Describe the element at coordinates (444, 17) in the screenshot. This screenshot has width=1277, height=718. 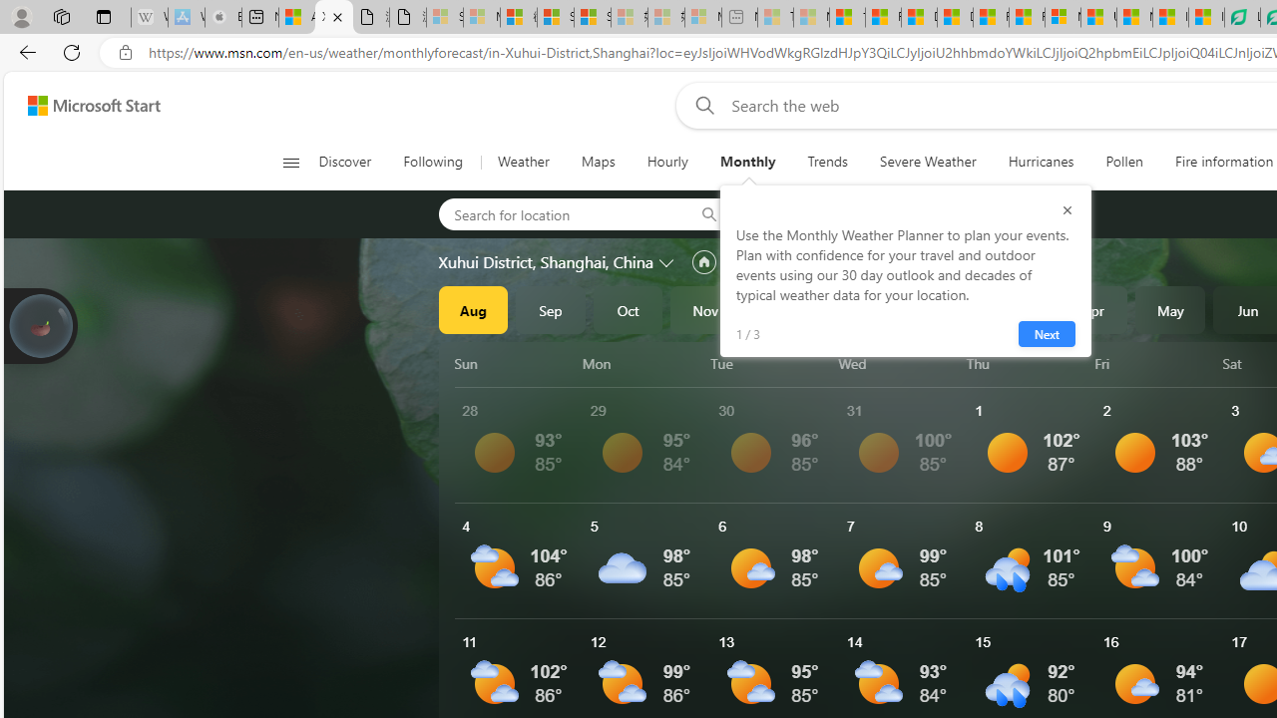
I see `'Sign in to your Microsoft account - Sleeping'` at that location.